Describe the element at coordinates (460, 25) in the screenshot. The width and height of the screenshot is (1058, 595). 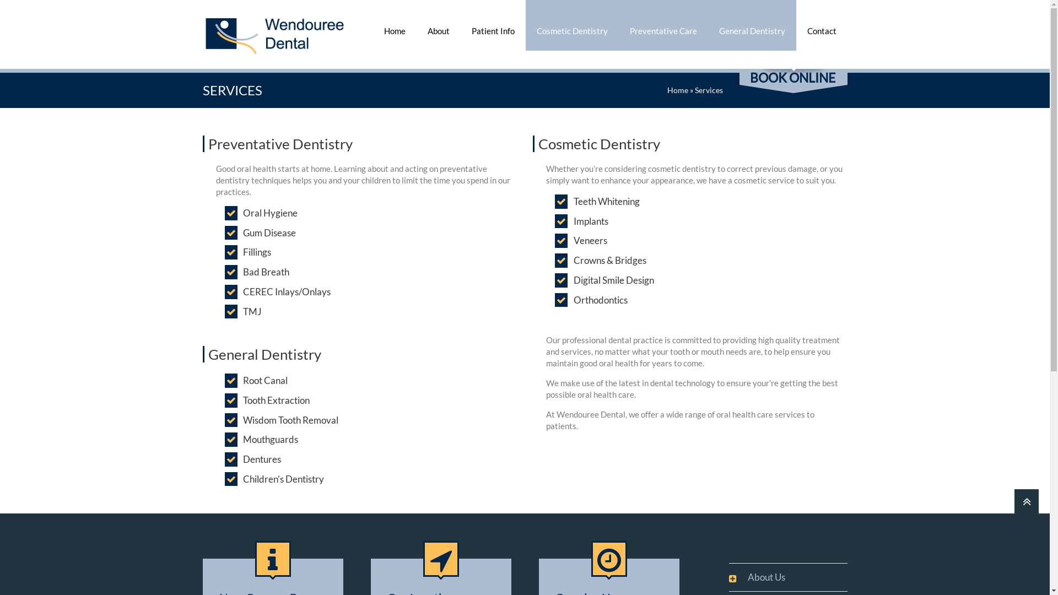
I see `'Patient Info'` at that location.